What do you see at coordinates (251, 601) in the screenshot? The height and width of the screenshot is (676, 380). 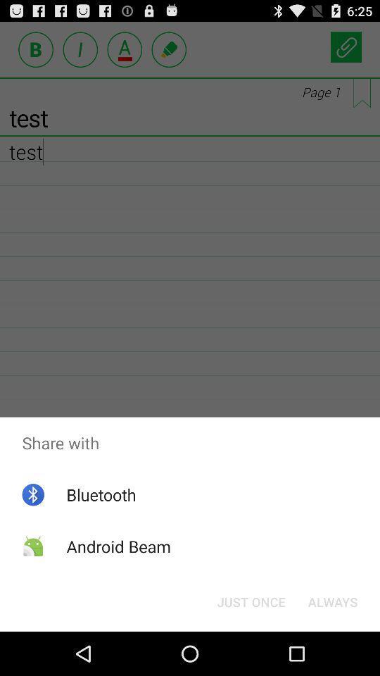 I see `item to the left of always button` at bounding box center [251, 601].